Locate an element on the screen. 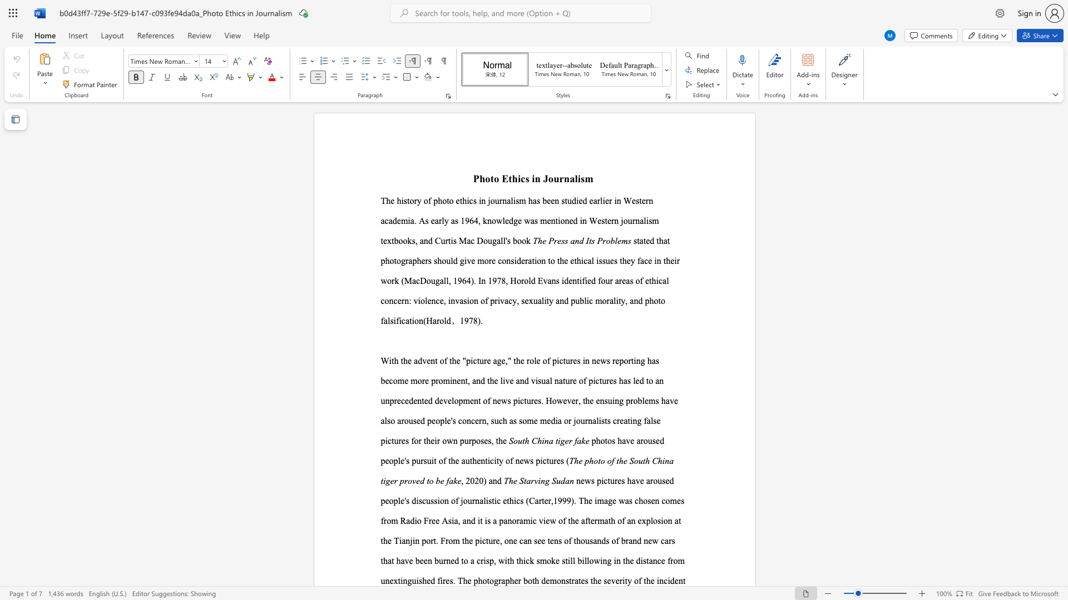 This screenshot has height=600, width=1068. the 1th character "o" in the text is located at coordinates (441, 321).